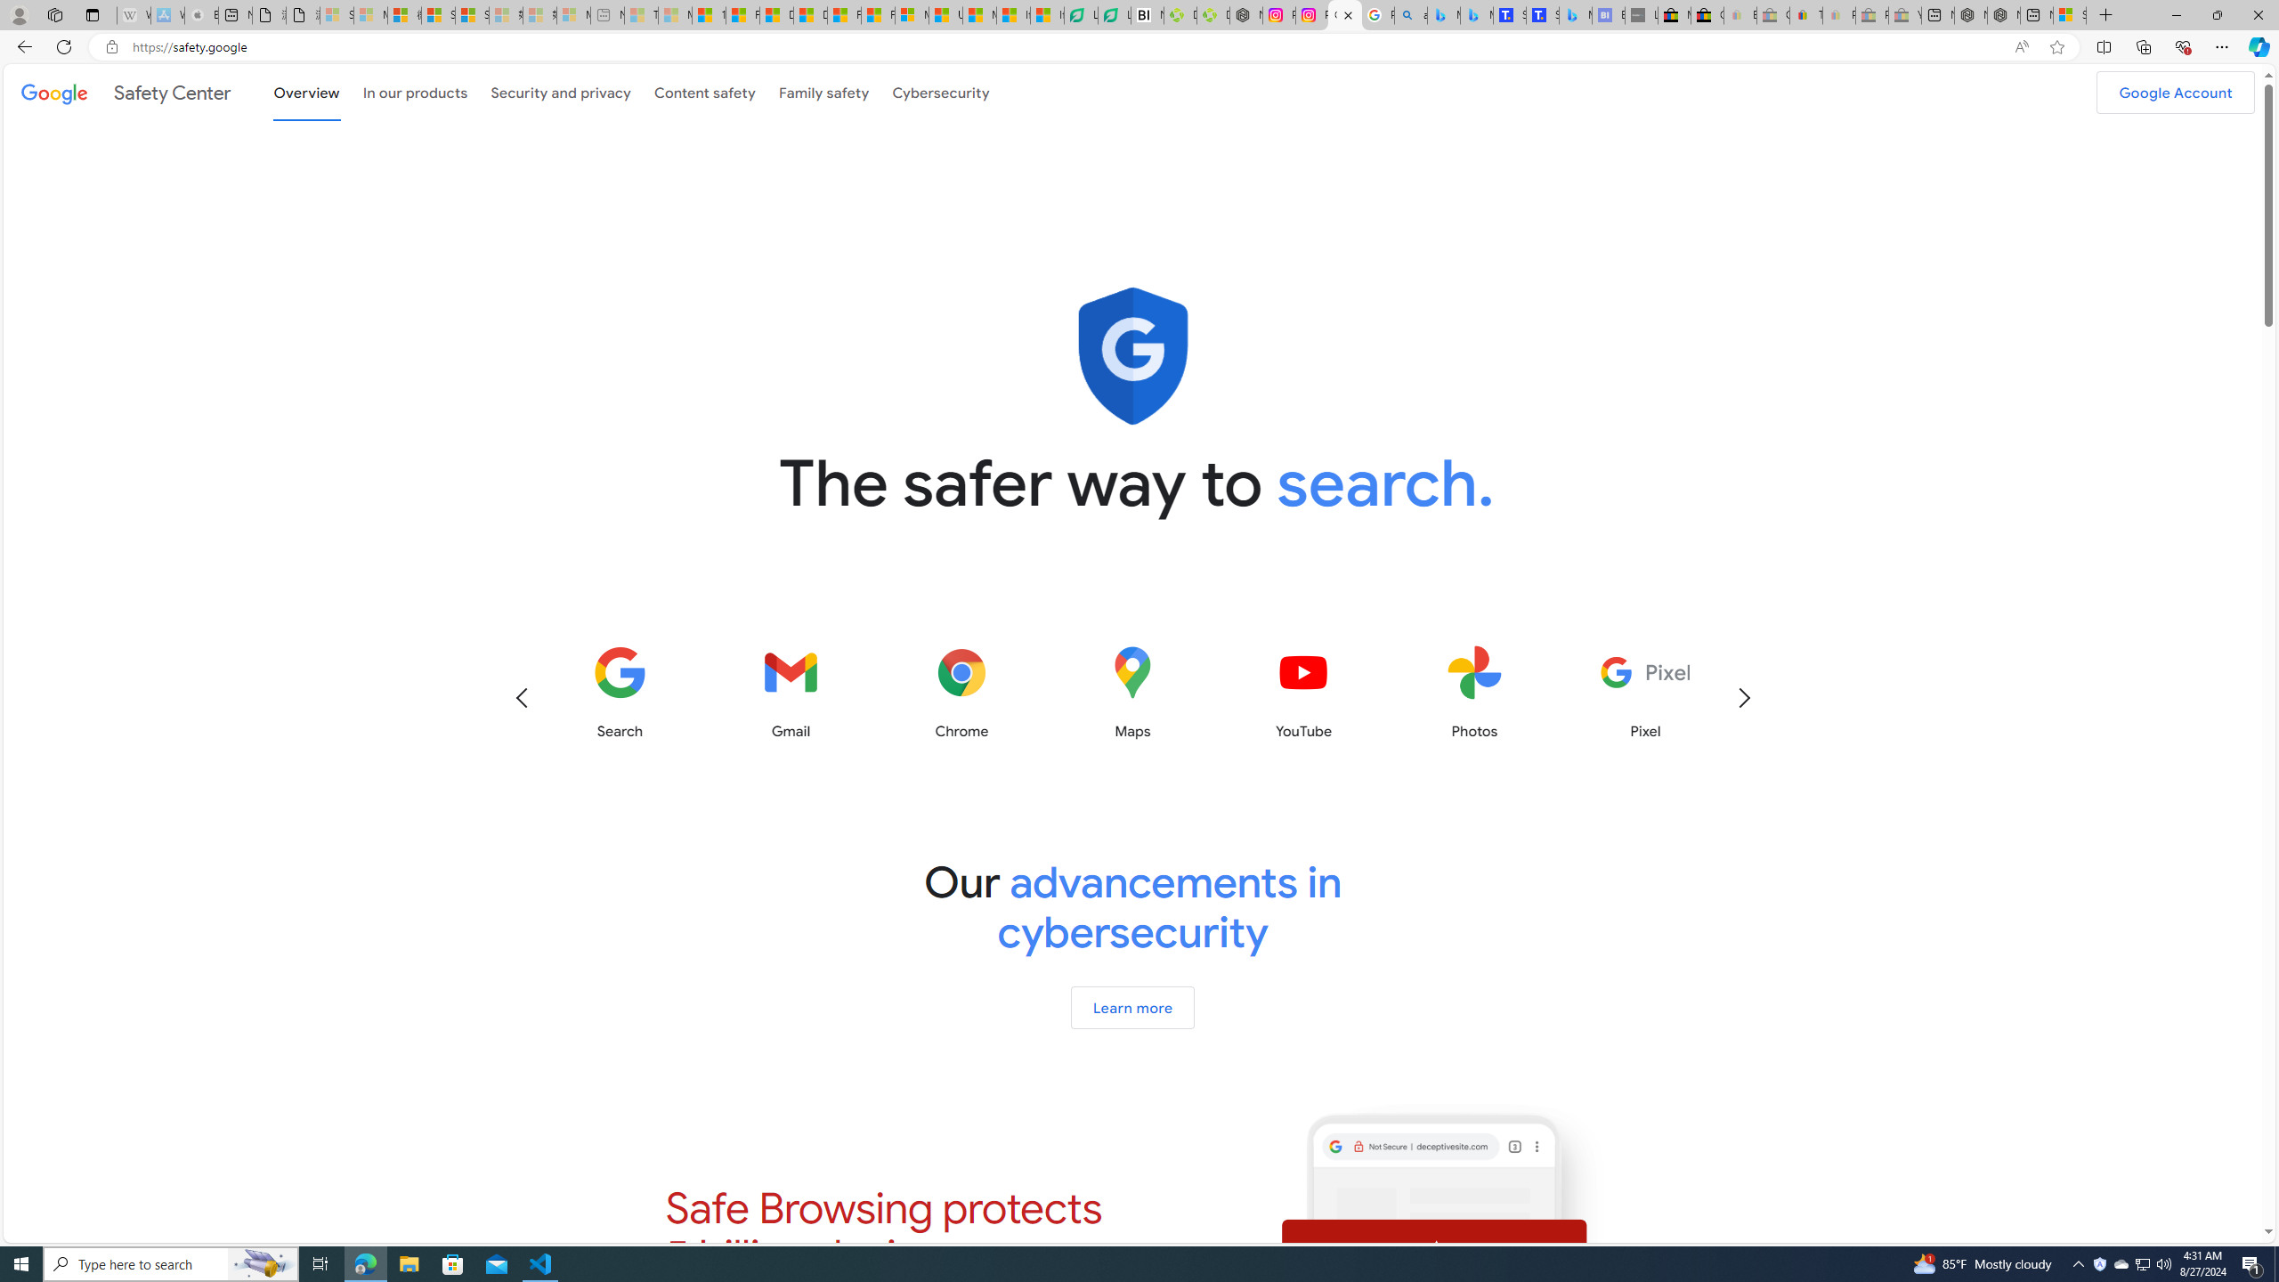  I want to click on 'Learn more about Pixel', so click(1644, 693).